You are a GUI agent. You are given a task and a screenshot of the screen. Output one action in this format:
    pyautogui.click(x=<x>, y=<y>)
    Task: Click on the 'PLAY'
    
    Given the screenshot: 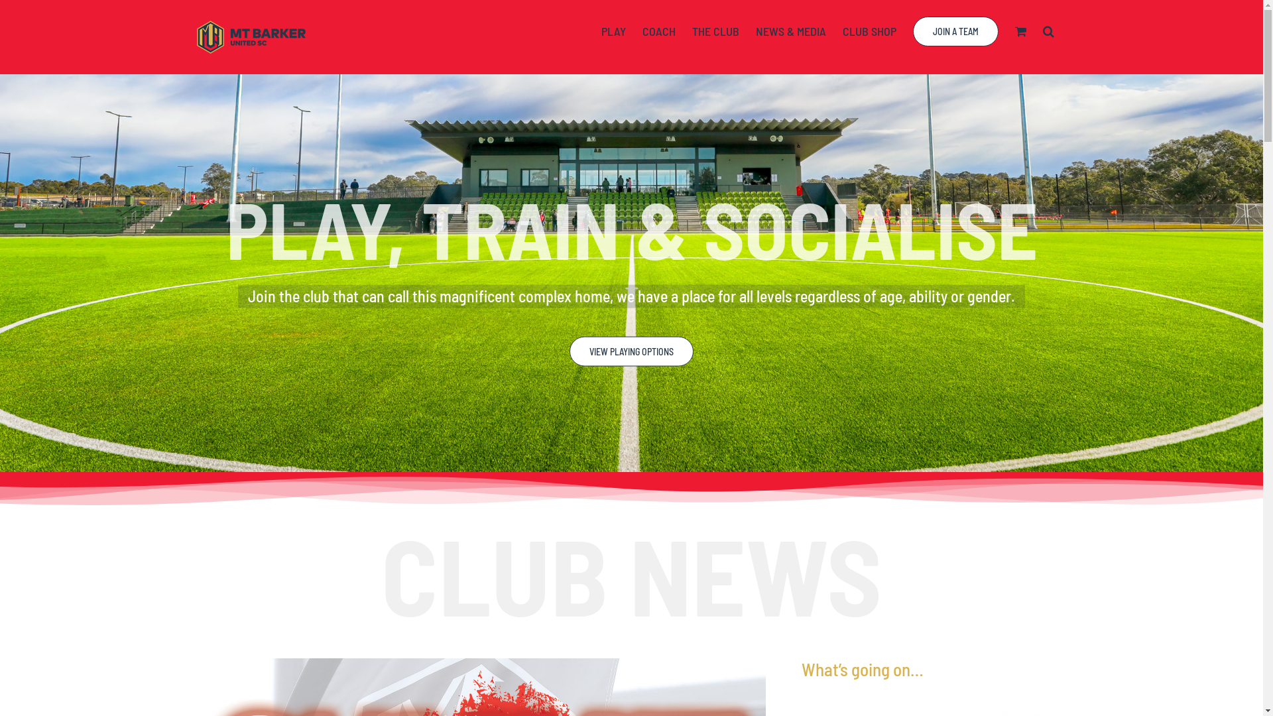 What is the action you would take?
    pyautogui.click(x=613, y=30)
    